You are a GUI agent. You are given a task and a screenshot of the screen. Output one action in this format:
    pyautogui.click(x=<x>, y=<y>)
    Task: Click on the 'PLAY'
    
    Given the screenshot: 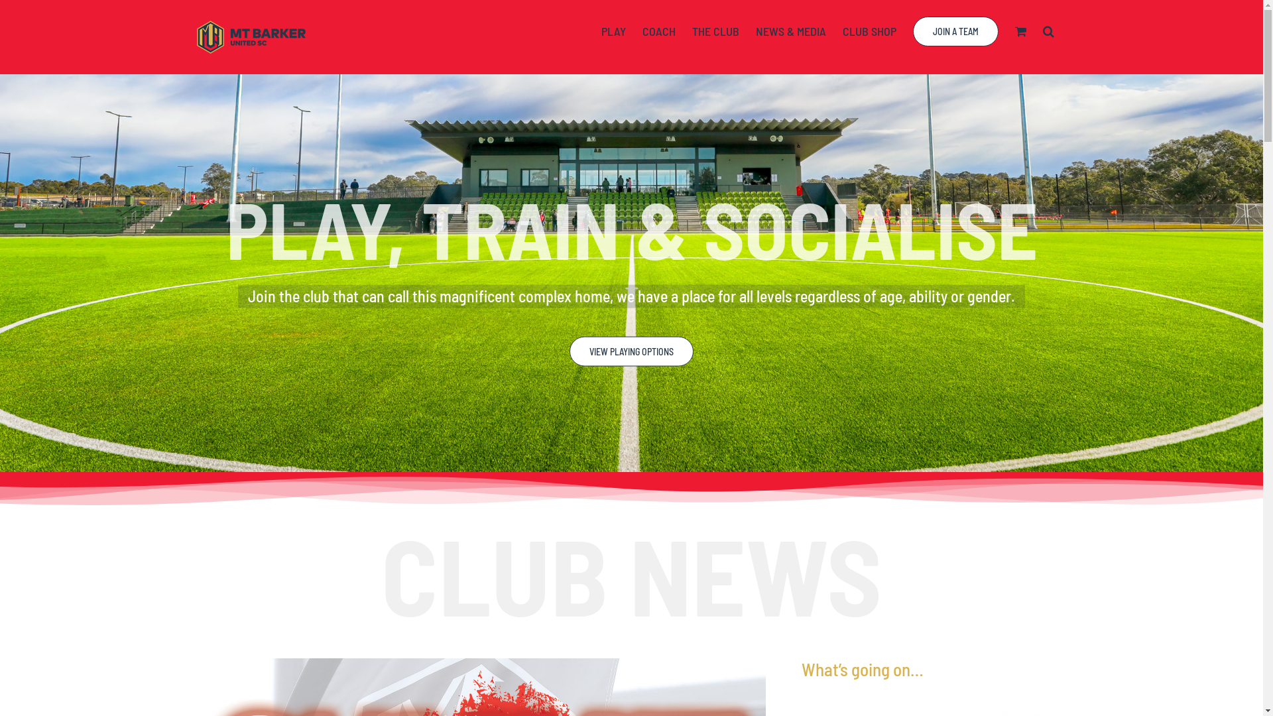 What is the action you would take?
    pyautogui.click(x=613, y=30)
    